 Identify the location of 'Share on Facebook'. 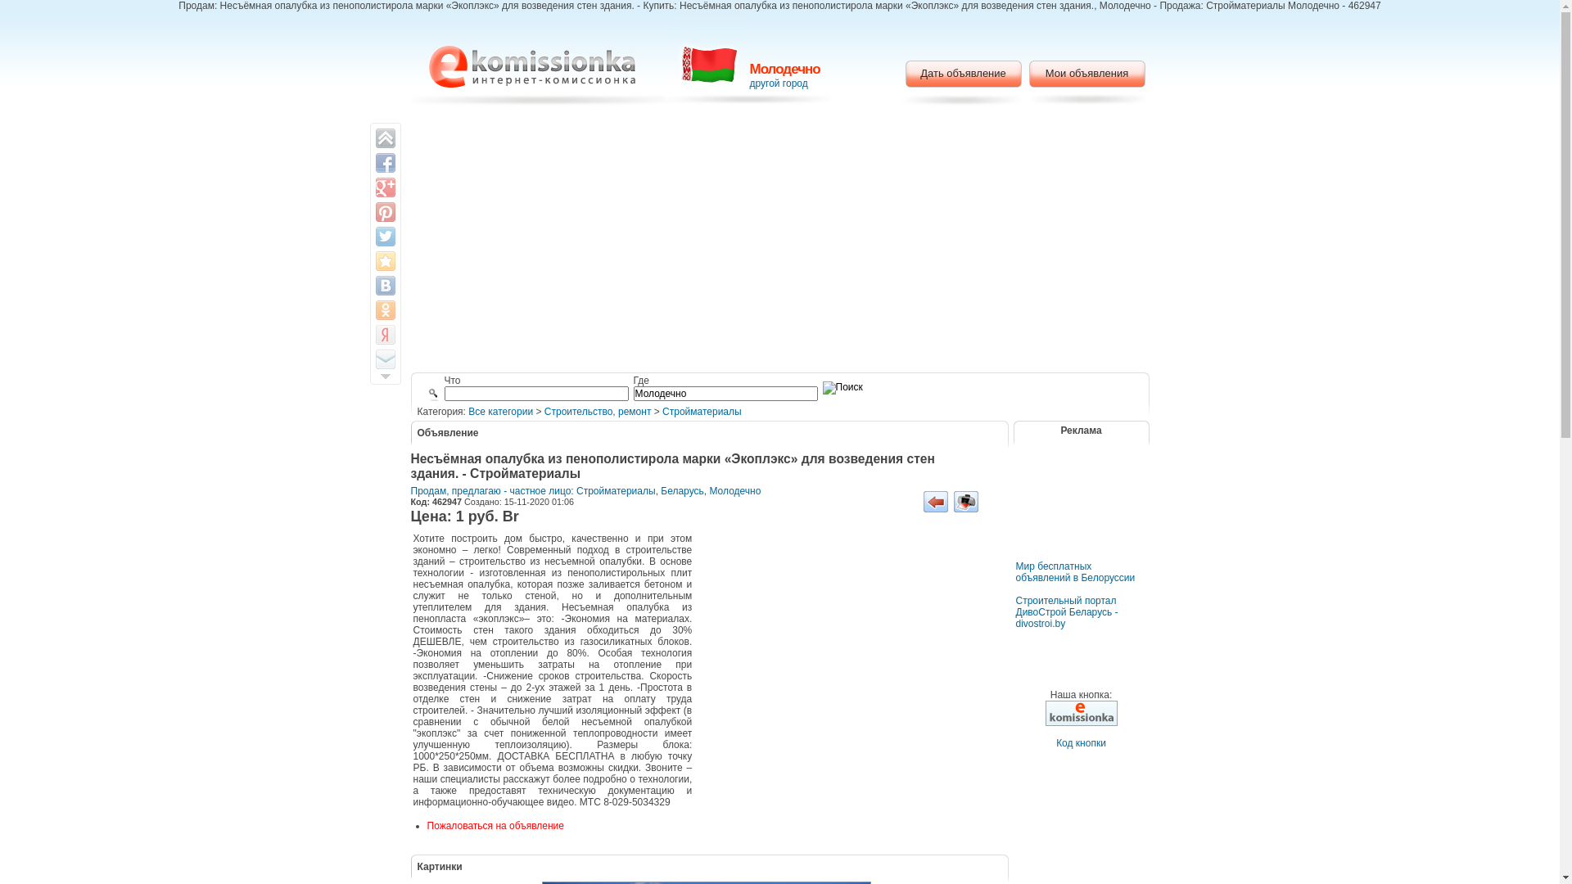
(384, 163).